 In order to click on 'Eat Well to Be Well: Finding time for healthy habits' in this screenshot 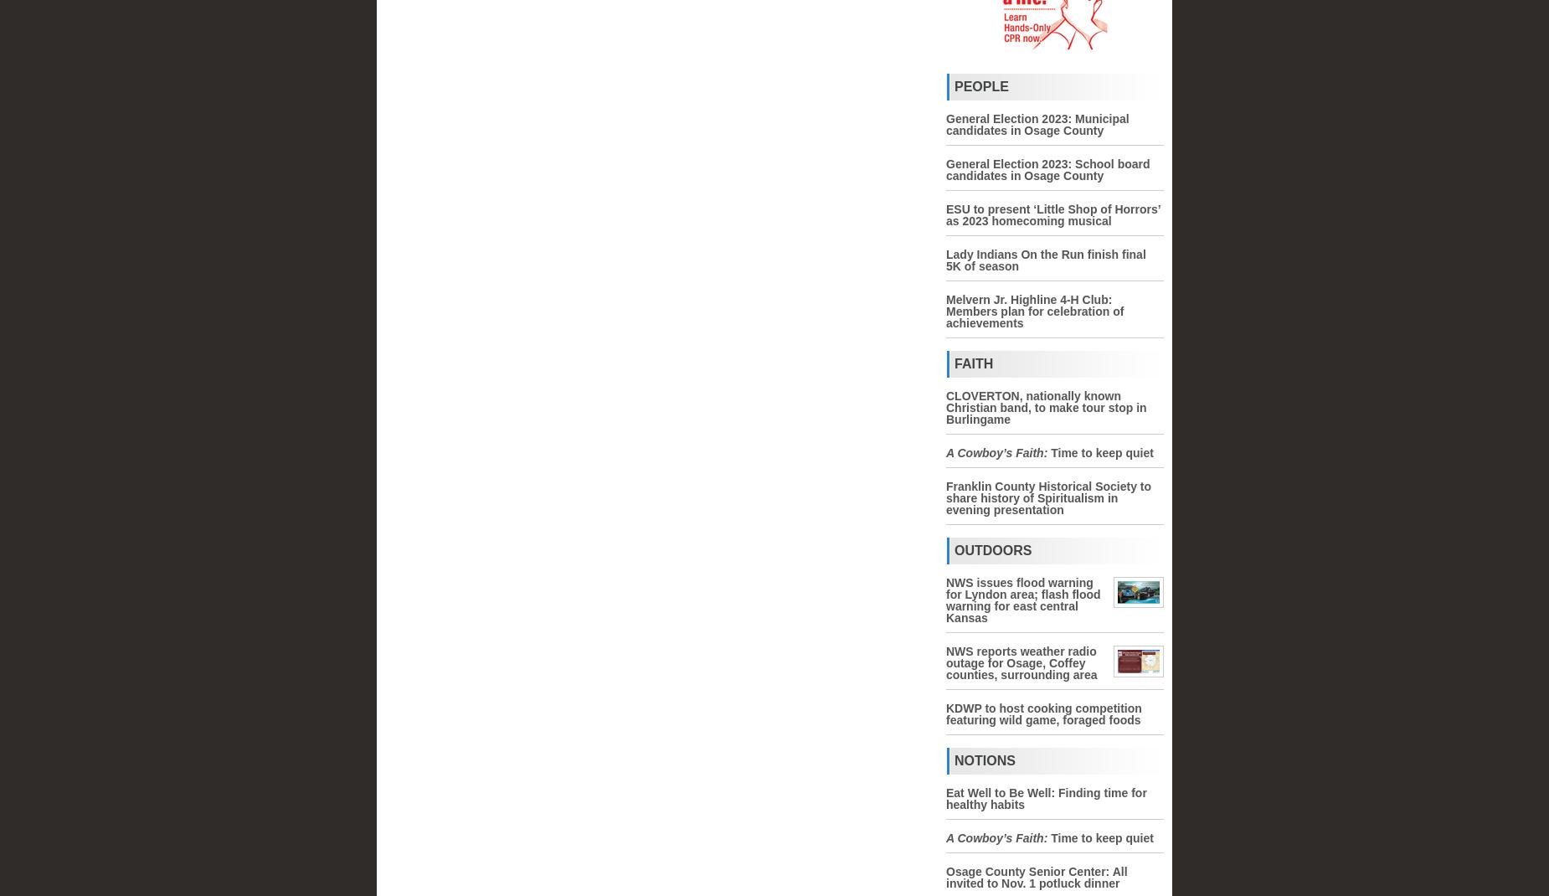, I will do `click(944, 798)`.